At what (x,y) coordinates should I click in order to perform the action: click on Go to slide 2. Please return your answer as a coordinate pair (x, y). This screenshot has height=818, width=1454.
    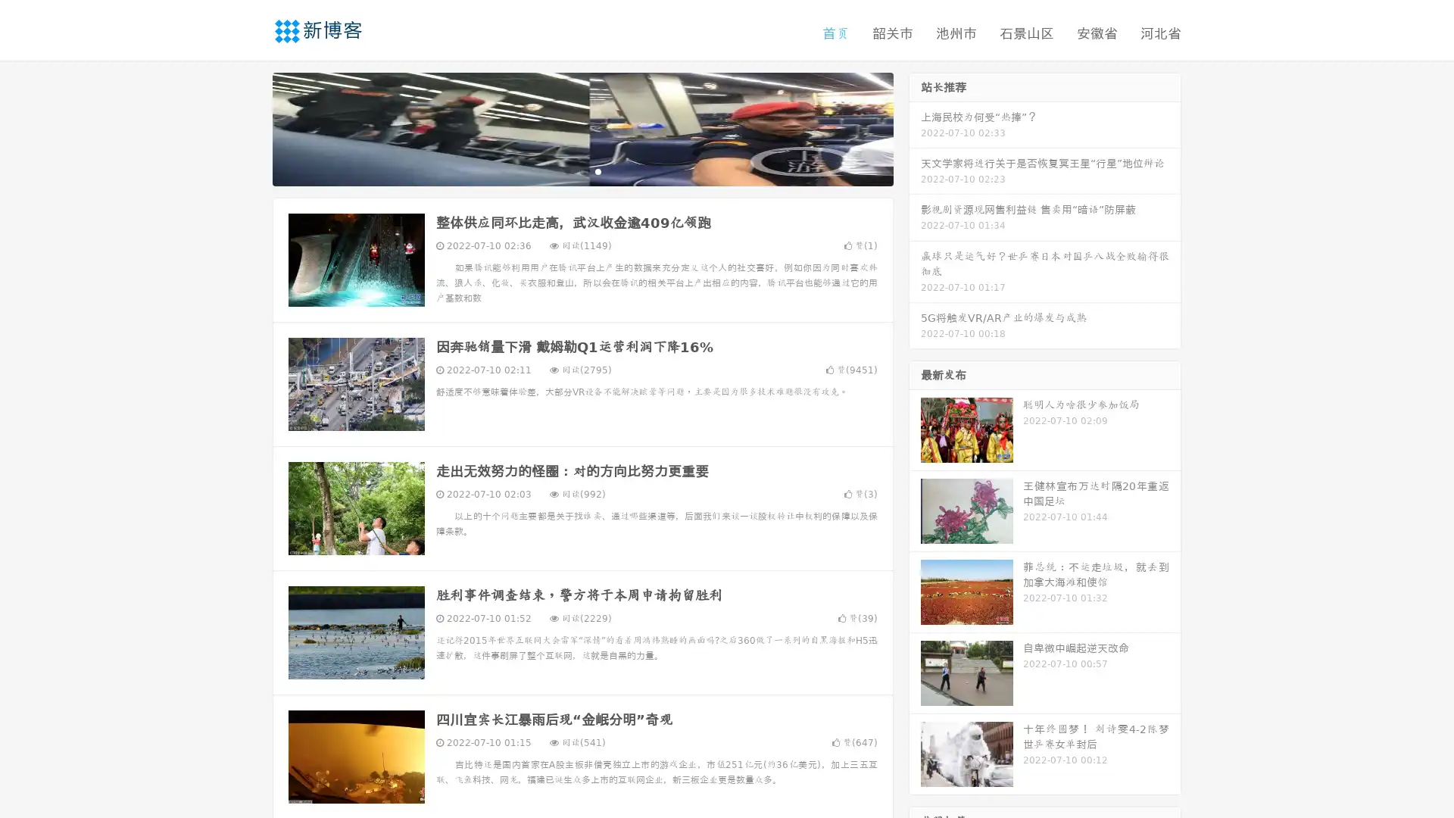
    Looking at the image, I should click on (582, 170).